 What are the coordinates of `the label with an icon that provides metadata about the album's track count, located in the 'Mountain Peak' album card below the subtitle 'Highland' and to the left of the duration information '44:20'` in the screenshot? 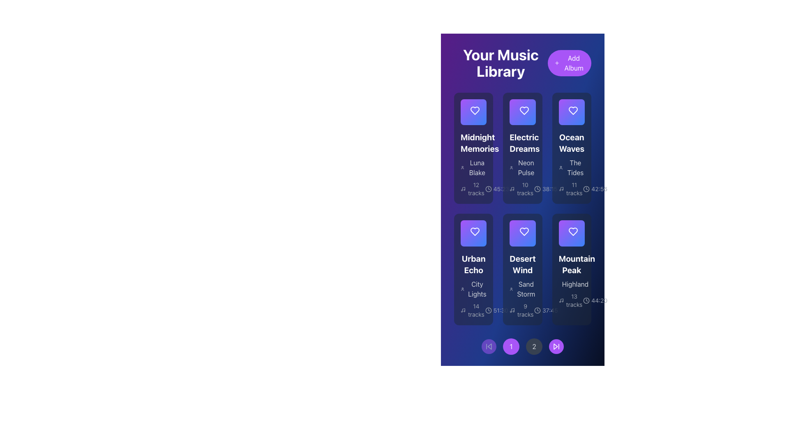 It's located at (570, 300).